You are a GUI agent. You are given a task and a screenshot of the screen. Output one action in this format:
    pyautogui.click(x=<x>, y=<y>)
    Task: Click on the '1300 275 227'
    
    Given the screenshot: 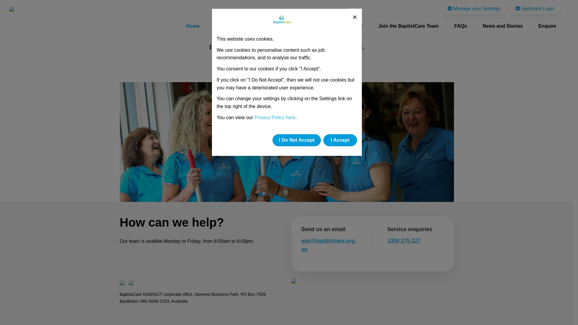 What is the action you would take?
    pyautogui.click(x=403, y=240)
    